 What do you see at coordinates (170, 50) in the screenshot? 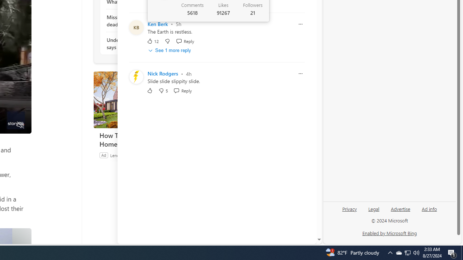
I see `'See 1 more reply'` at bounding box center [170, 50].